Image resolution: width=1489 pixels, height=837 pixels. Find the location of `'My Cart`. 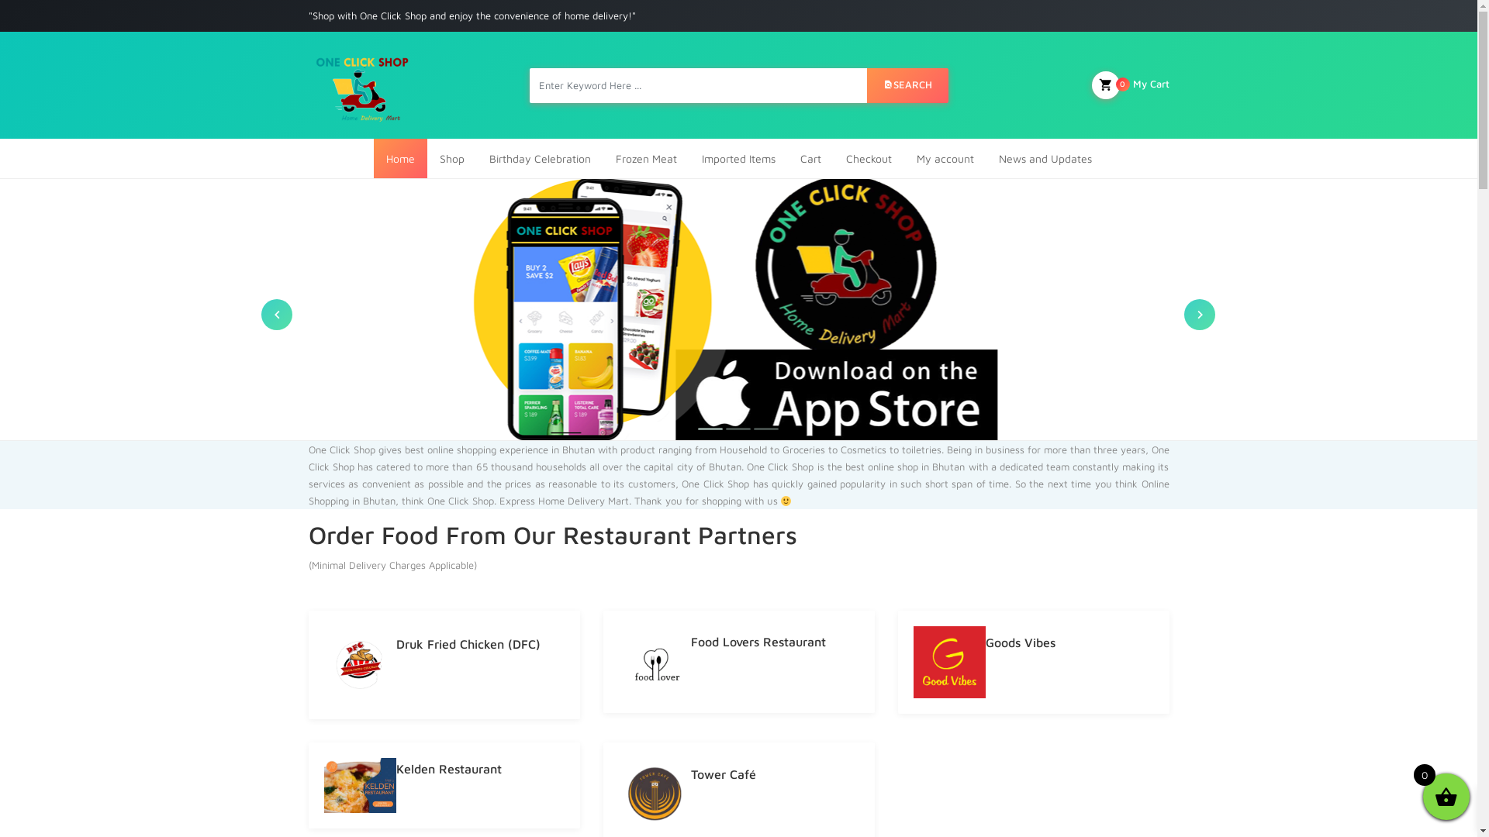

'My Cart is located at coordinates (1131, 85).